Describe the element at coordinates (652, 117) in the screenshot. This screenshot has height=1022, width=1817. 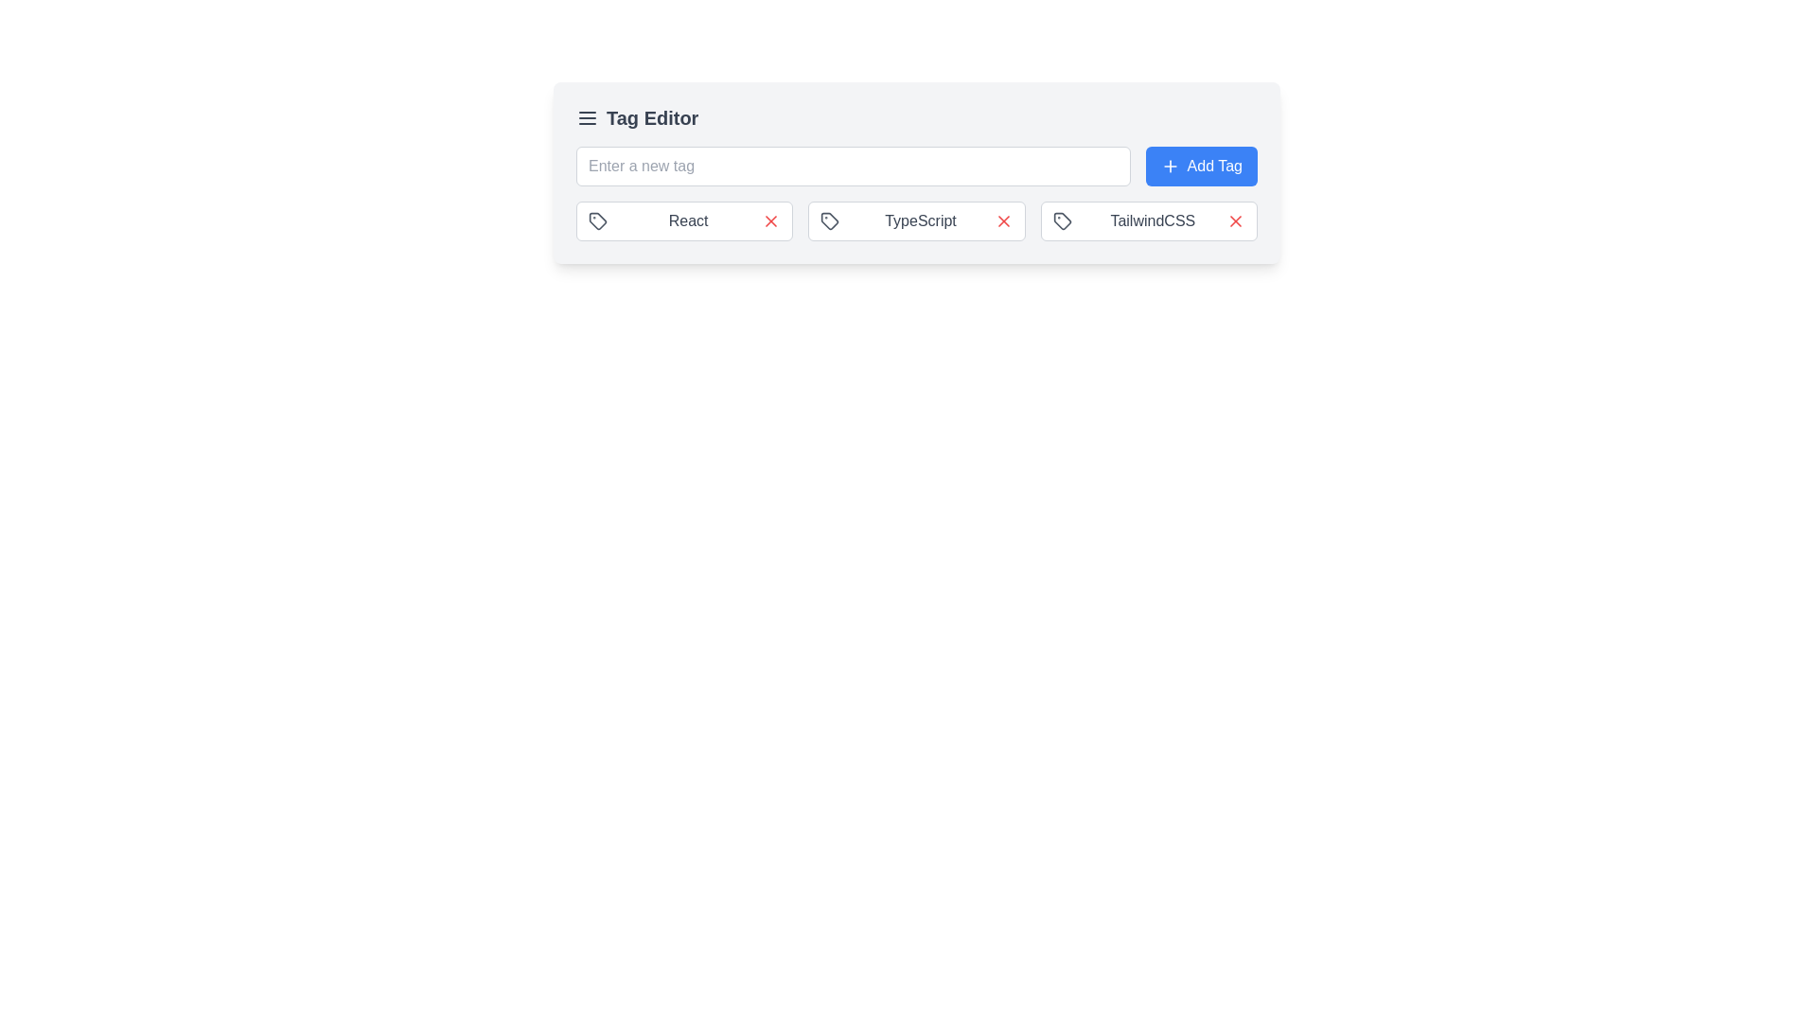
I see `the header text element that indicates the main functionality of the section, located in the top-left of the interface, to the right of the navigation icon` at that location.